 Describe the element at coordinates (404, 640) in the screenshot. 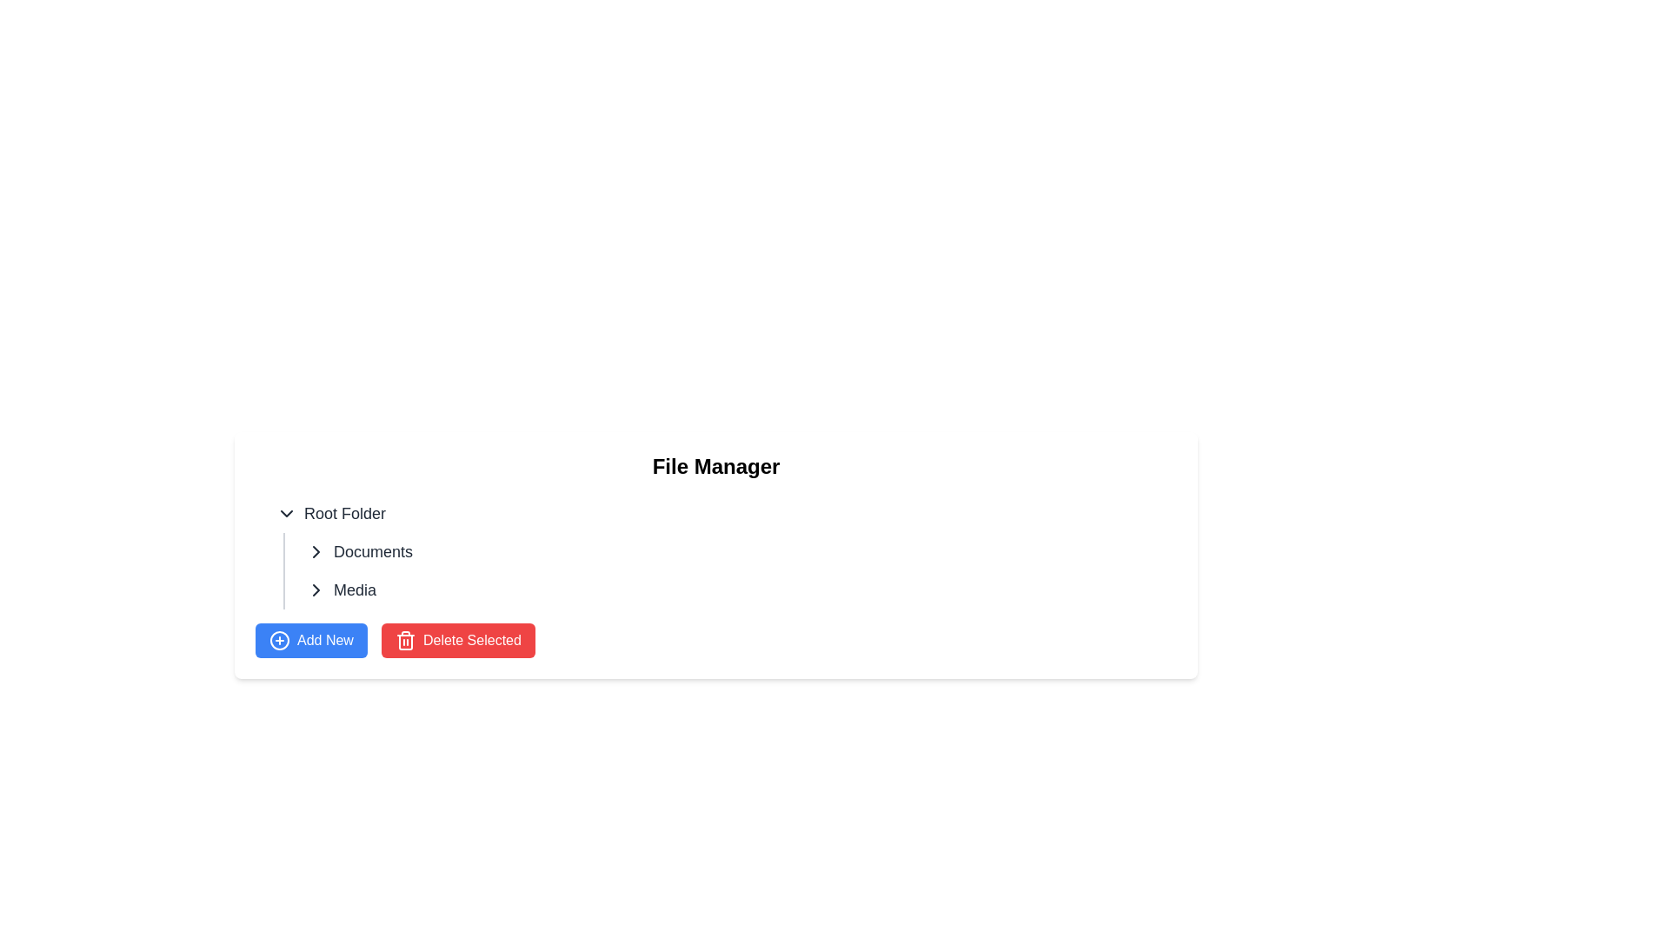

I see `the deletion icon inside the 'Delete Selected' button` at that location.